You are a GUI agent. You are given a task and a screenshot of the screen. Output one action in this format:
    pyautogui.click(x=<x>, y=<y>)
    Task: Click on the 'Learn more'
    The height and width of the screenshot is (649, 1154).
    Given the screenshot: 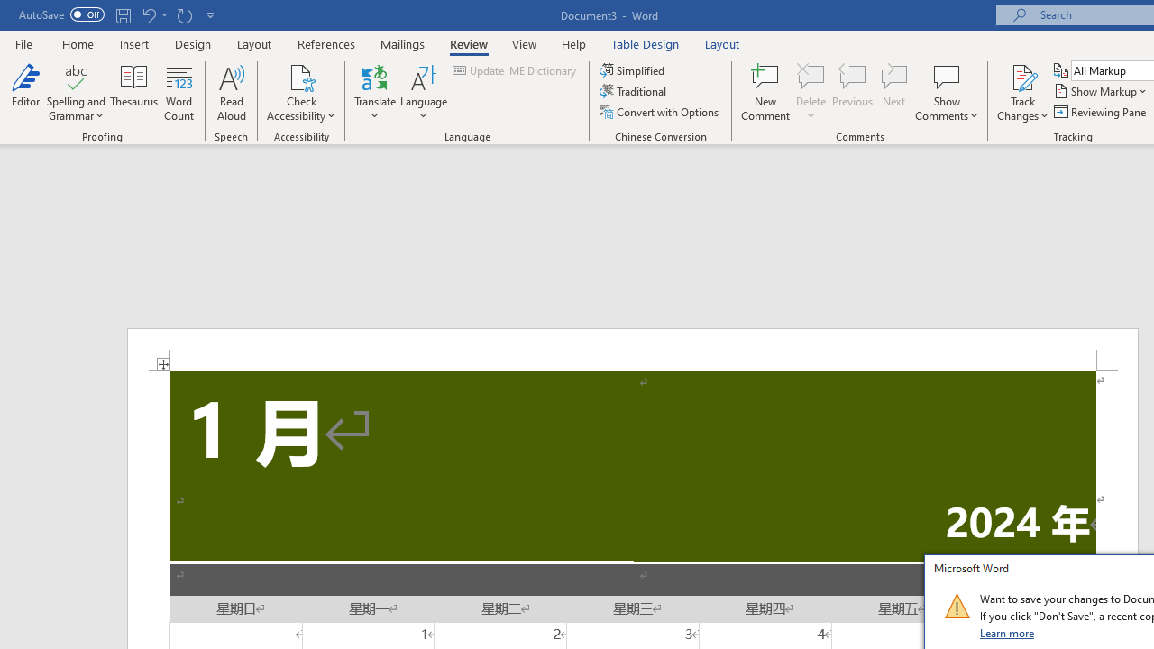 What is the action you would take?
    pyautogui.click(x=1007, y=632)
    